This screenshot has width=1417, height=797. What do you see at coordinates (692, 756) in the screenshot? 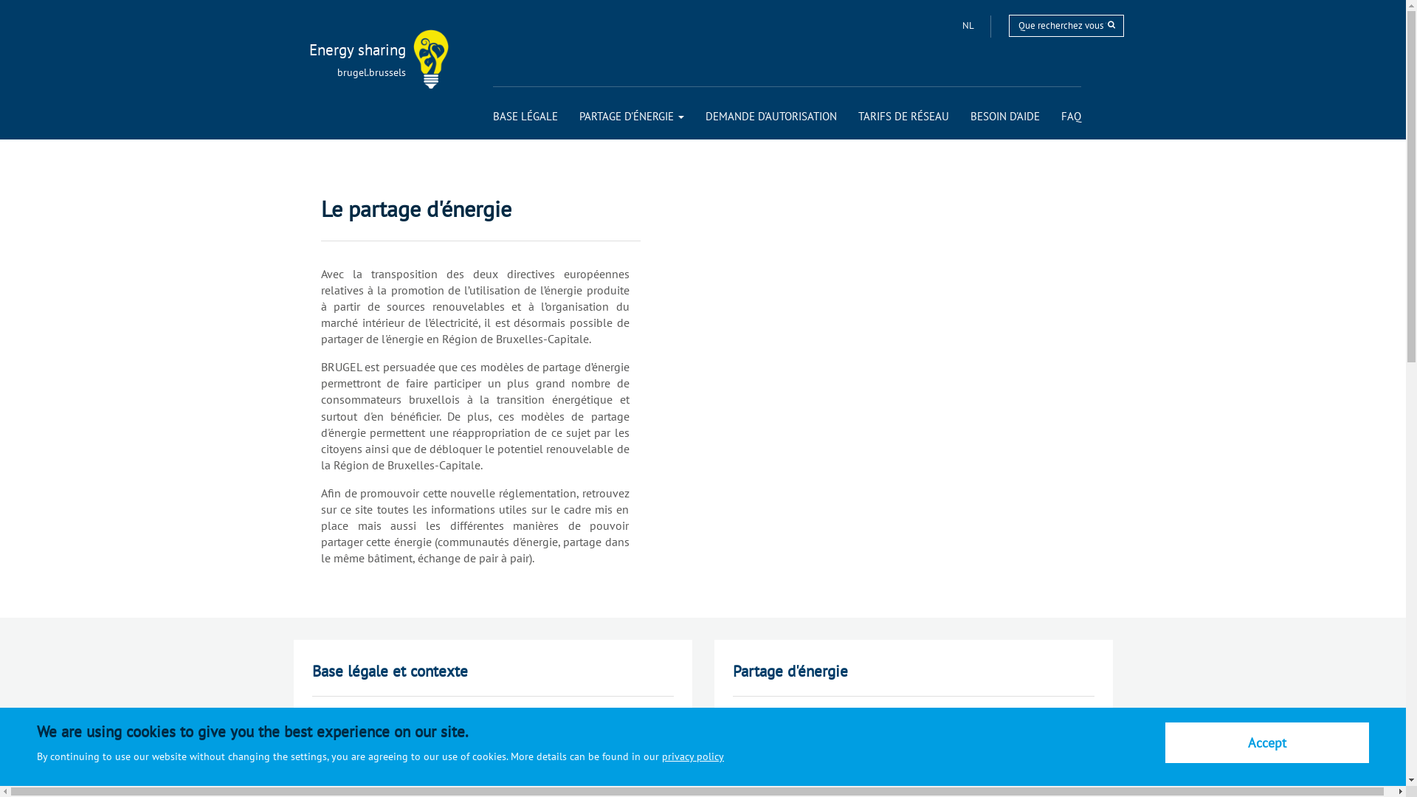
I see `'privacy policy'` at bounding box center [692, 756].